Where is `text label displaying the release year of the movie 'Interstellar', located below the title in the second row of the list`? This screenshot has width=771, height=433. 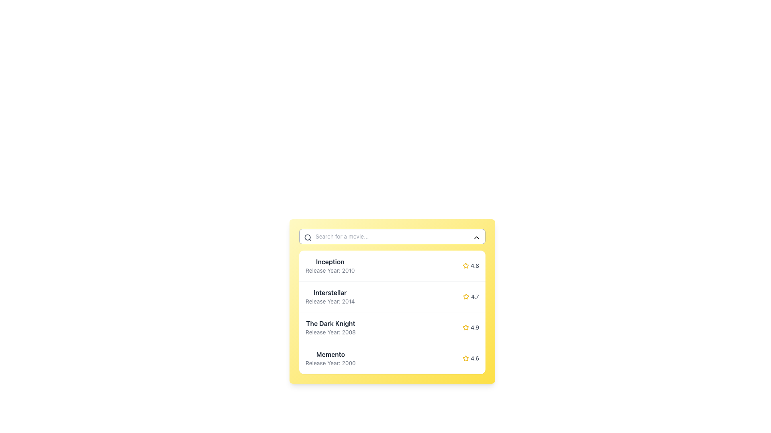
text label displaying the release year of the movie 'Interstellar', located below the title in the second row of the list is located at coordinates (330, 301).